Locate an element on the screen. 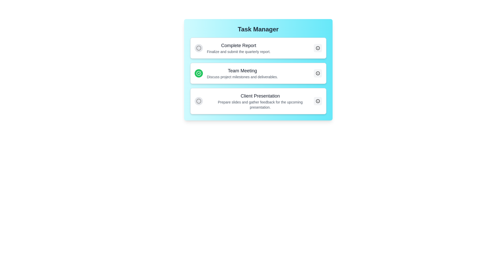 The width and height of the screenshot is (495, 278). the green circular icon indicating the completion or selection of the 'Team Meeting' task in the task list interface is located at coordinates (198, 73).